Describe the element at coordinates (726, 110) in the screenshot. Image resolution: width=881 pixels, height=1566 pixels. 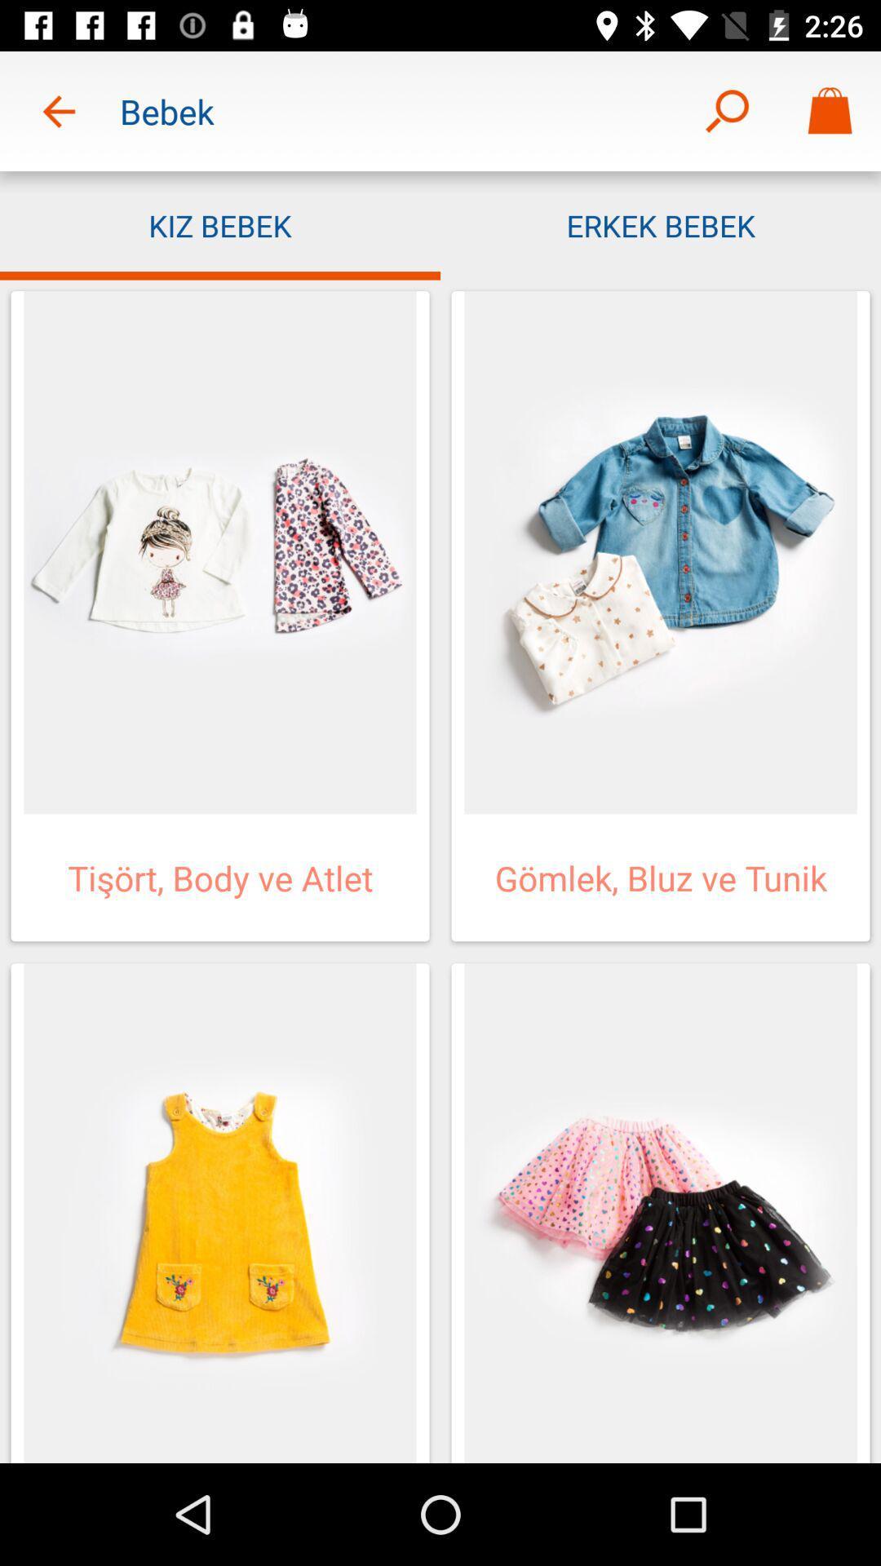
I see `the item above the erkek bebek app` at that location.